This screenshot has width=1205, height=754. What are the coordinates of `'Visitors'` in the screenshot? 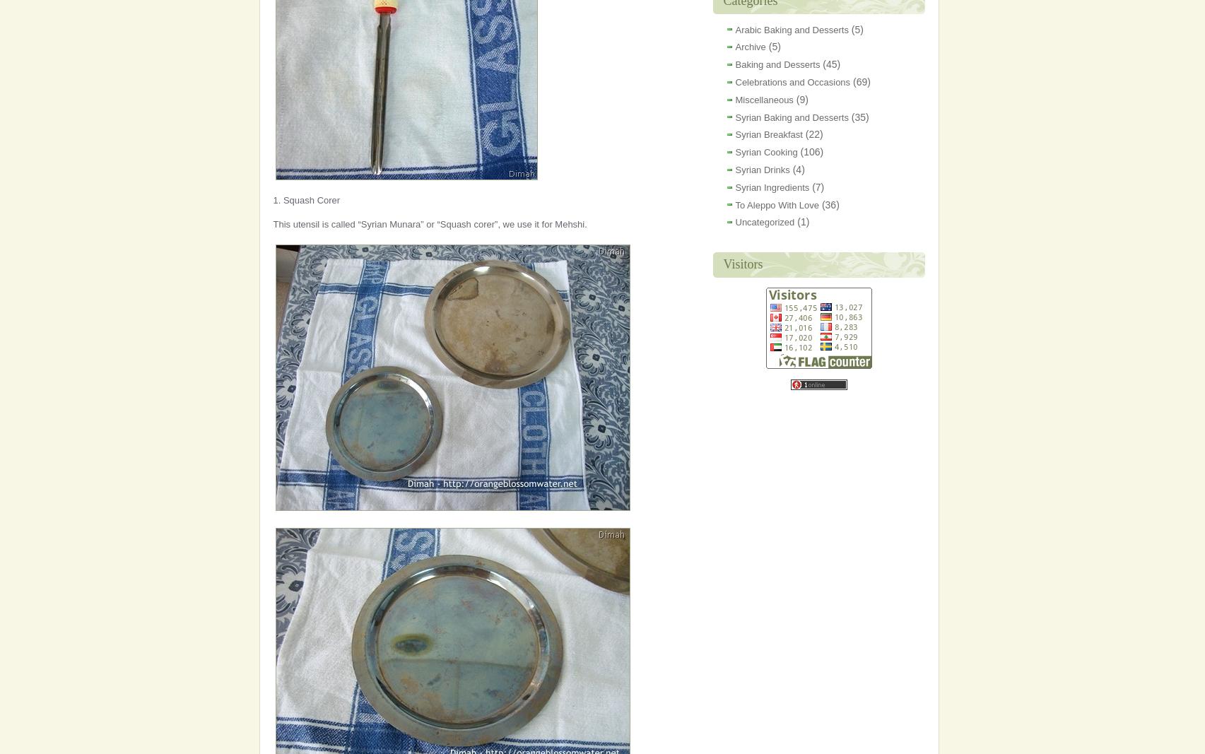 It's located at (741, 263).